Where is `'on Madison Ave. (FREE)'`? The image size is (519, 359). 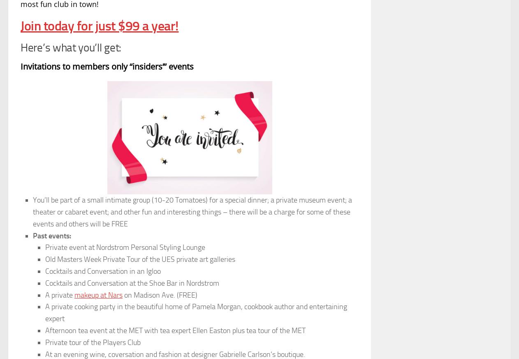
'on Madison Ave. (FREE)' is located at coordinates (160, 294).